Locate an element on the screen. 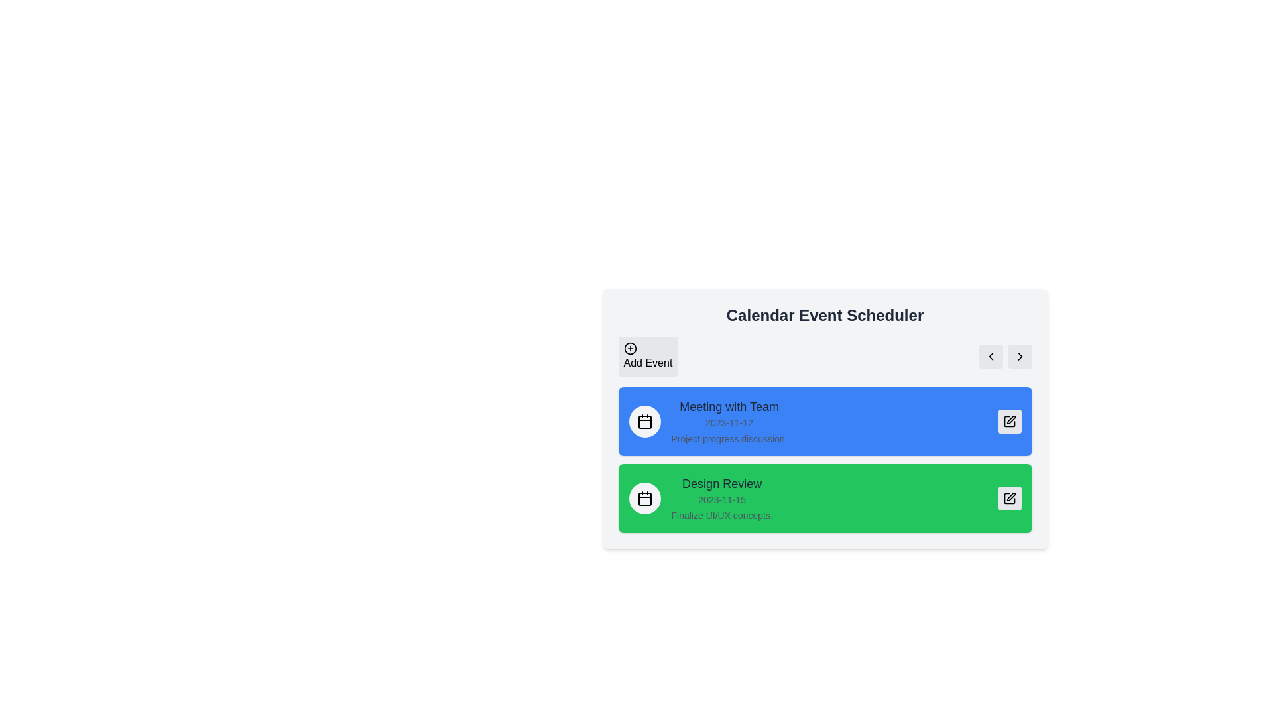  the text block within the event card that provides the event's title, date, and description is located at coordinates (721, 499).